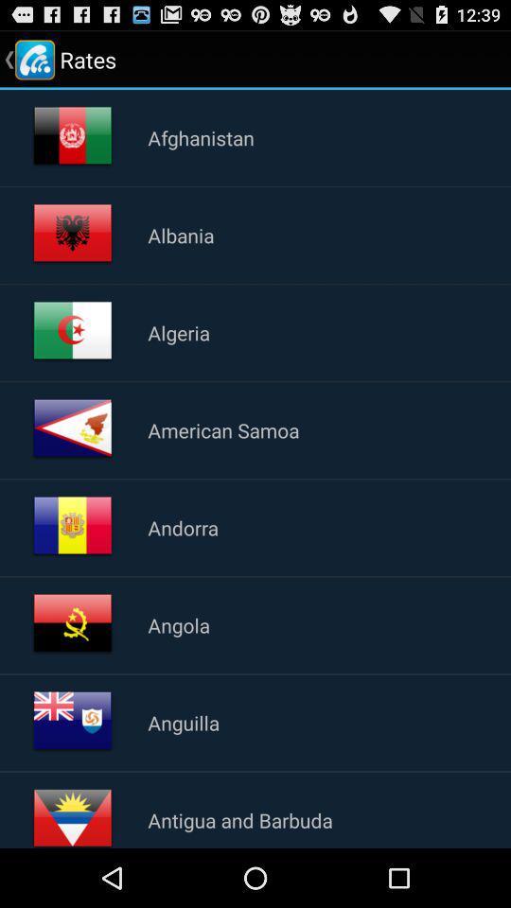  I want to click on the antigua and barbuda icon, so click(240, 819).